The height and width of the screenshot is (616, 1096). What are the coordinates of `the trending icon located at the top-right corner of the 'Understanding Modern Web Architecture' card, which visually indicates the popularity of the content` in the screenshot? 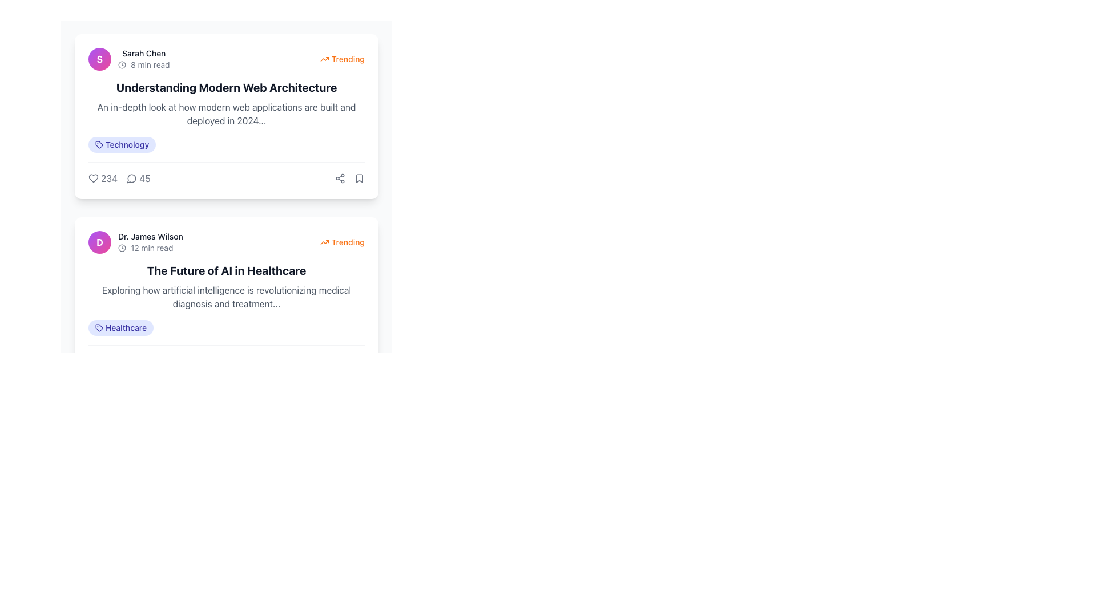 It's located at (324, 59).